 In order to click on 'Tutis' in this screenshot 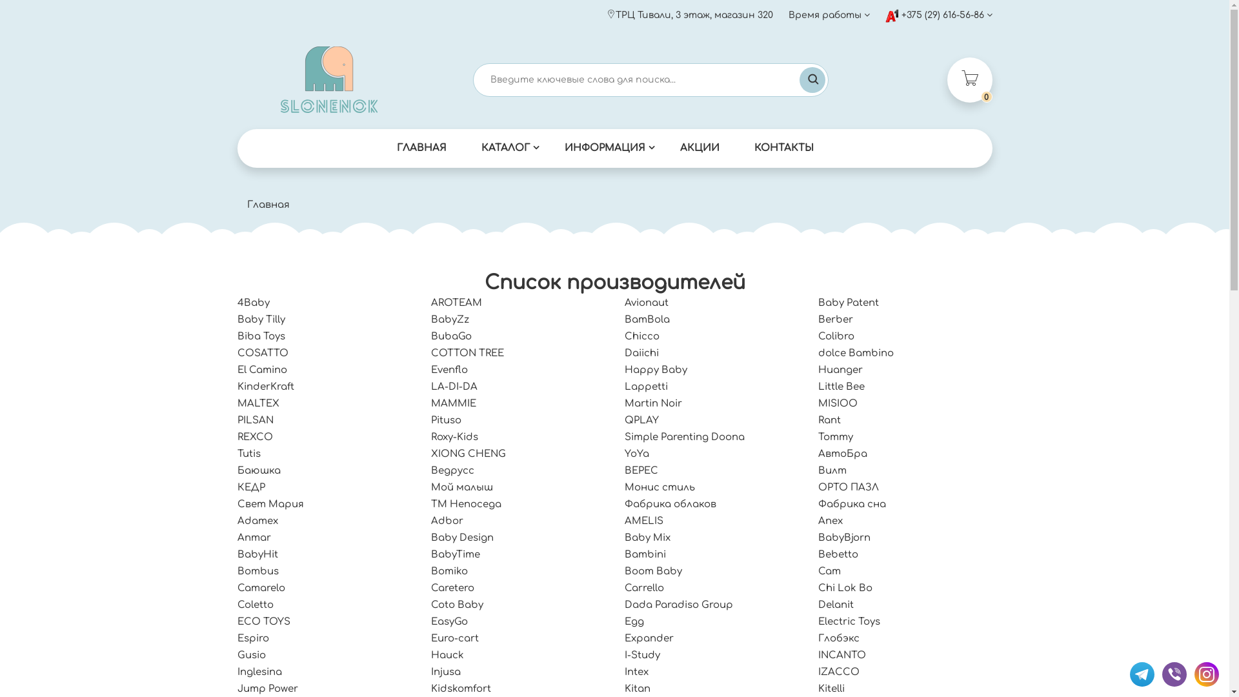, I will do `click(248, 453)`.